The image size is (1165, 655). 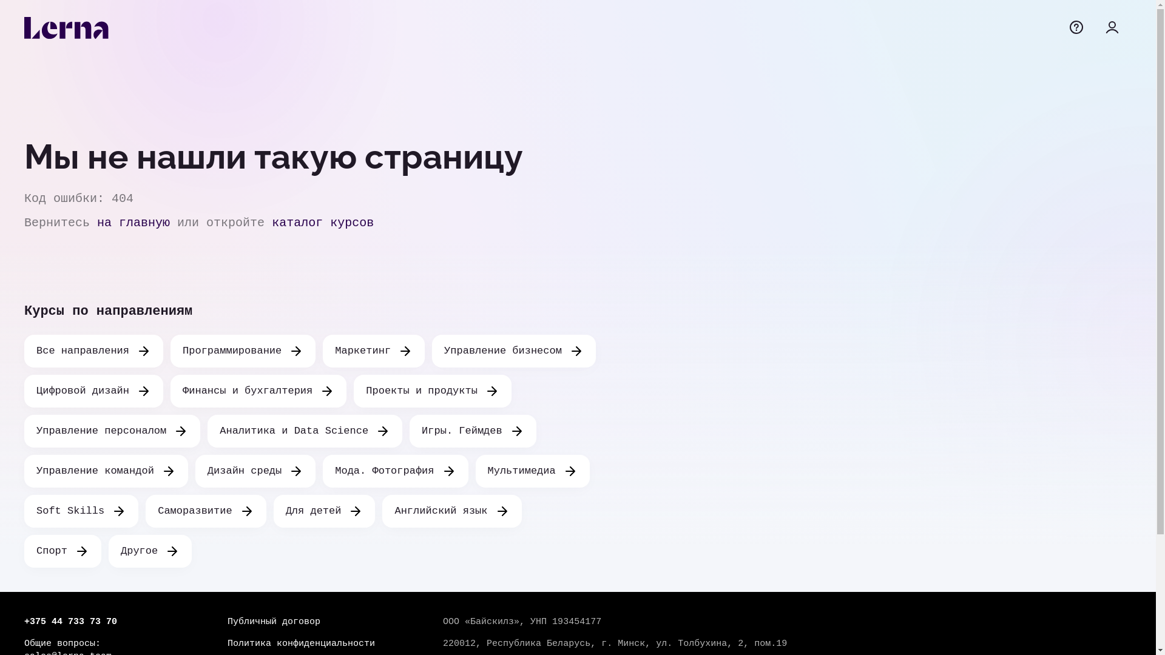 What do you see at coordinates (81, 511) in the screenshot?
I see `'Soft Skills'` at bounding box center [81, 511].